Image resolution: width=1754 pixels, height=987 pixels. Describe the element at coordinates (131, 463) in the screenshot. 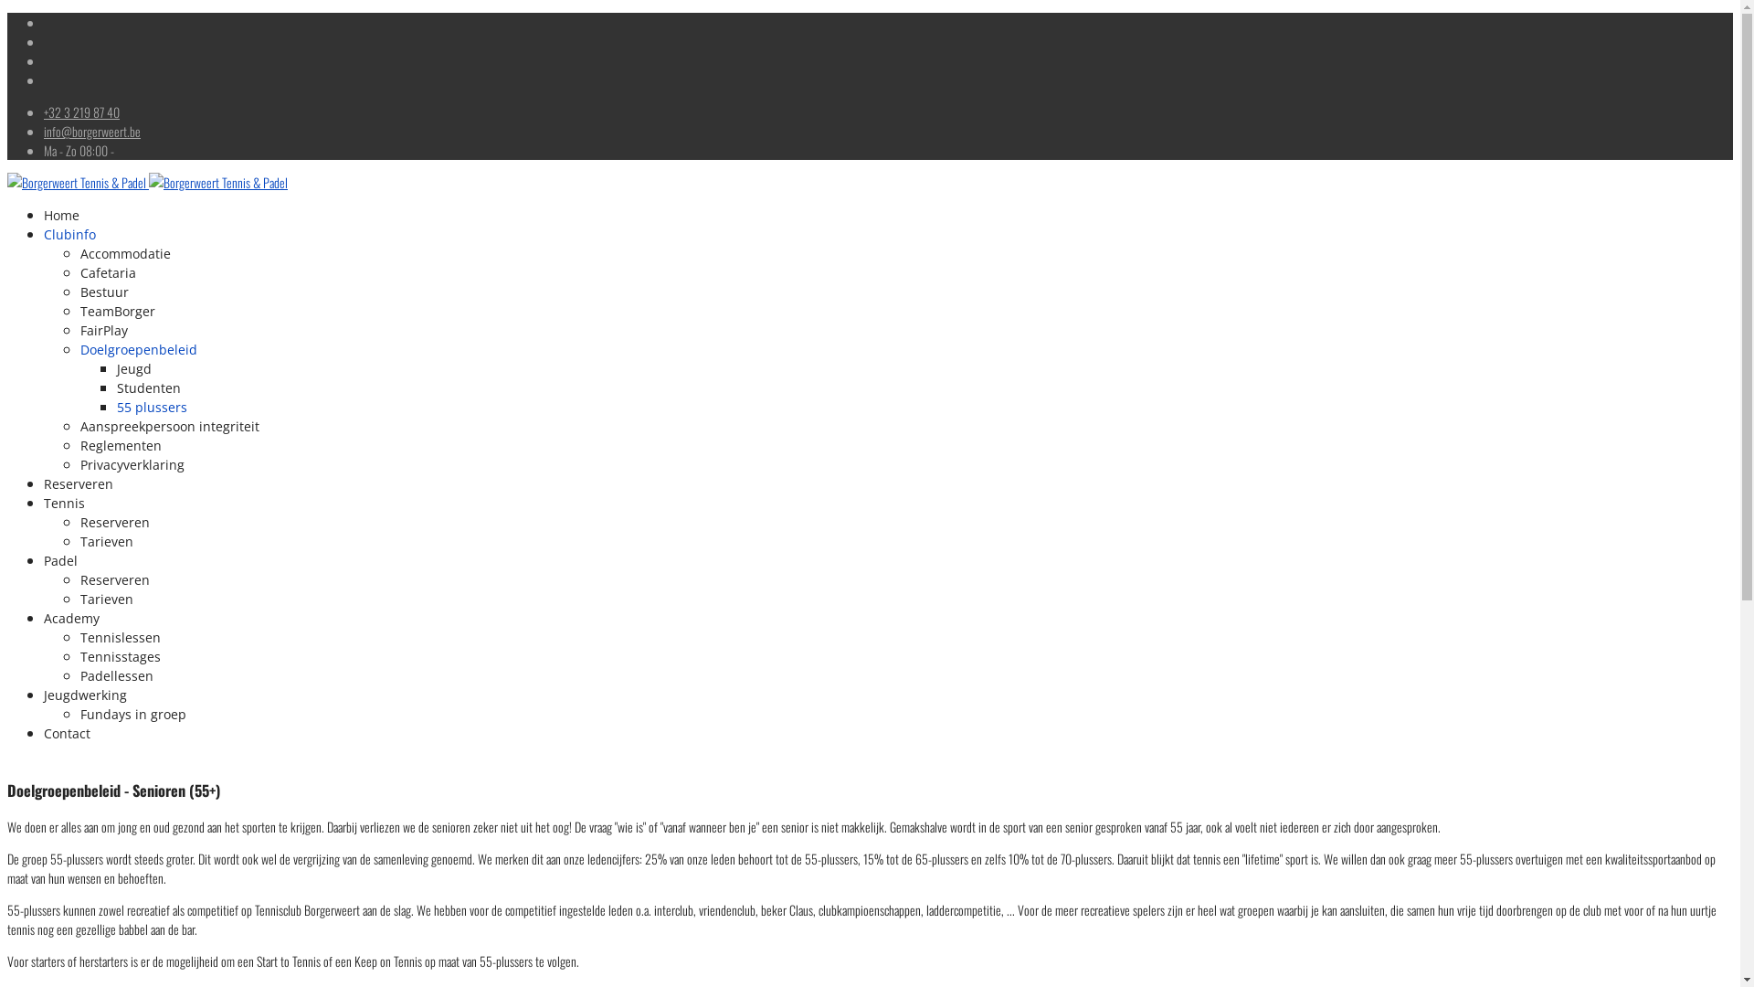

I see `'Privacyverklaring'` at that location.